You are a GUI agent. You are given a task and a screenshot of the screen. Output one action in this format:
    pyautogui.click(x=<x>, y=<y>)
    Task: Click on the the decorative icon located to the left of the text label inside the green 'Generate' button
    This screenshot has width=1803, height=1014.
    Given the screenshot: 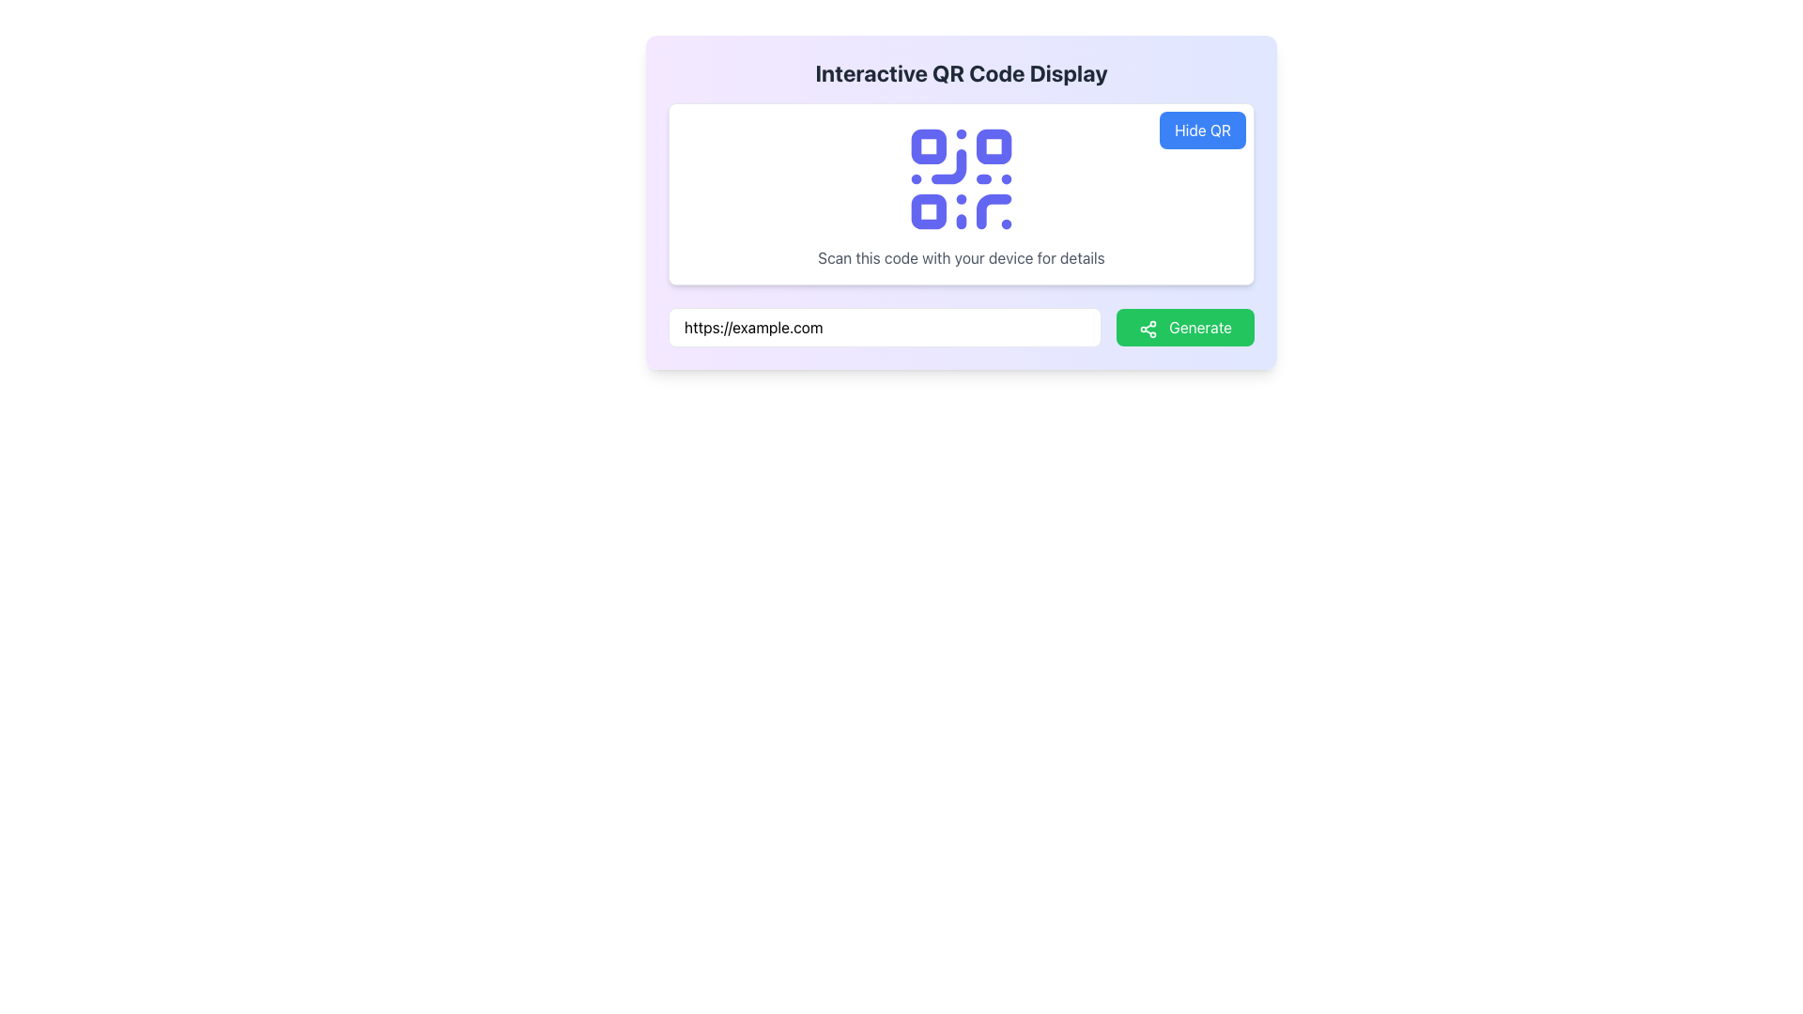 What is the action you would take?
    pyautogui.click(x=1148, y=328)
    